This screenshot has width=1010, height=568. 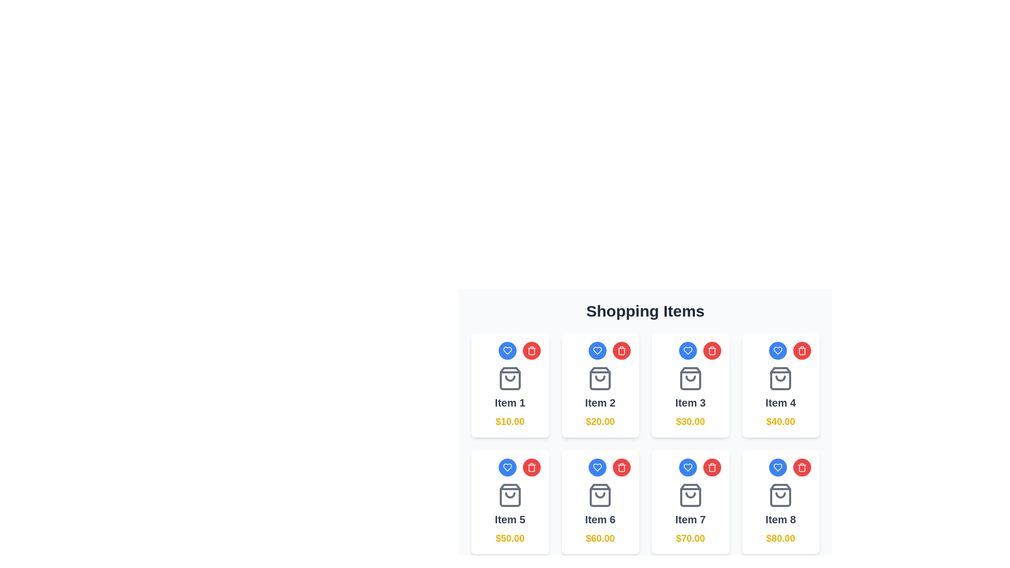 What do you see at coordinates (690, 514) in the screenshot?
I see `the Display card presenting shopping item details, located` at bounding box center [690, 514].